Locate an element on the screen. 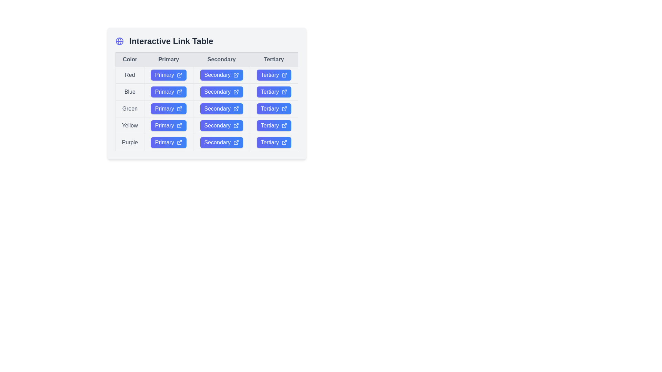  the 'Primary' button with a gradient blue background and an external link icon is located at coordinates (169, 126).